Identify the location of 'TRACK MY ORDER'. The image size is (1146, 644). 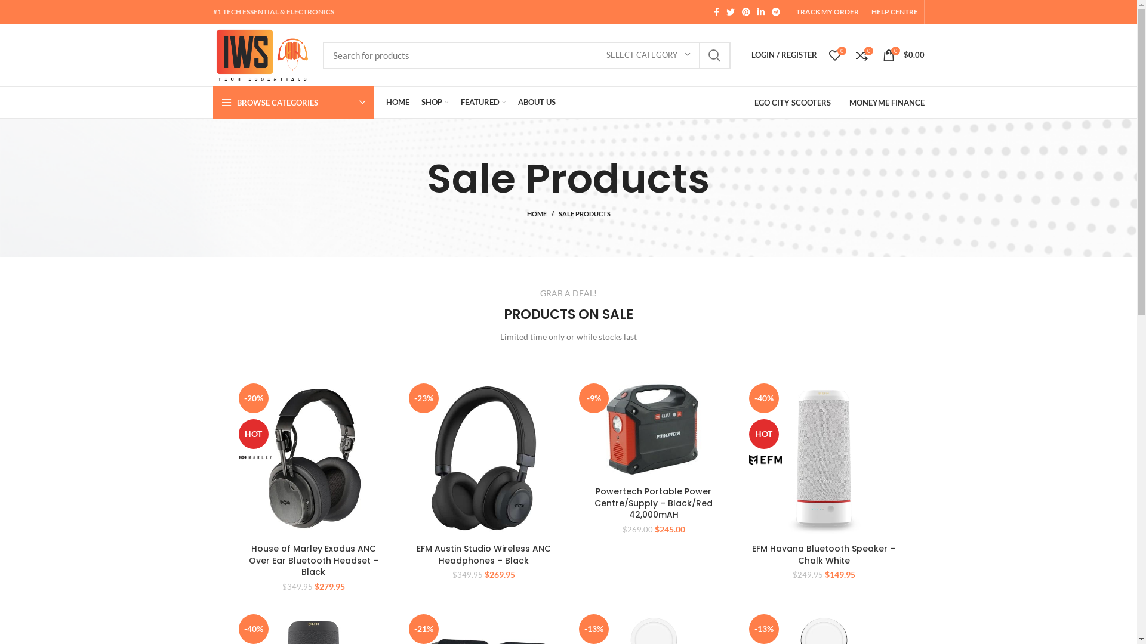
(796, 11).